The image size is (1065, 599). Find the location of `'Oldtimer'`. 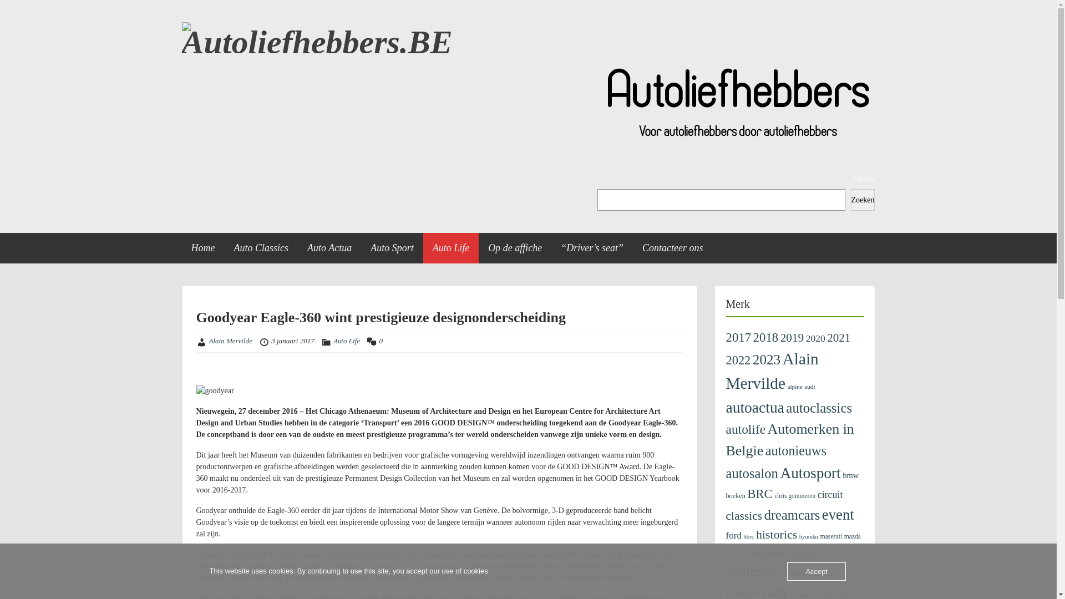

'Oldtimer' is located at coordinates (804, 554).